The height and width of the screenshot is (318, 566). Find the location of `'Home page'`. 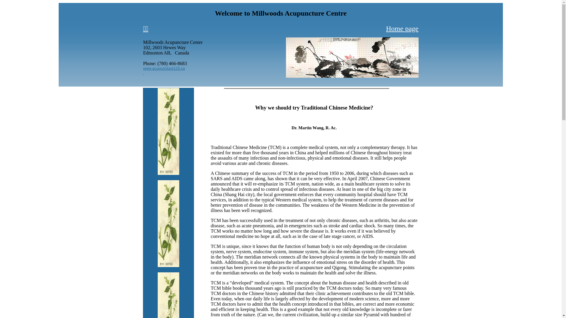

'Home page' is located at coordinates (402, 28).